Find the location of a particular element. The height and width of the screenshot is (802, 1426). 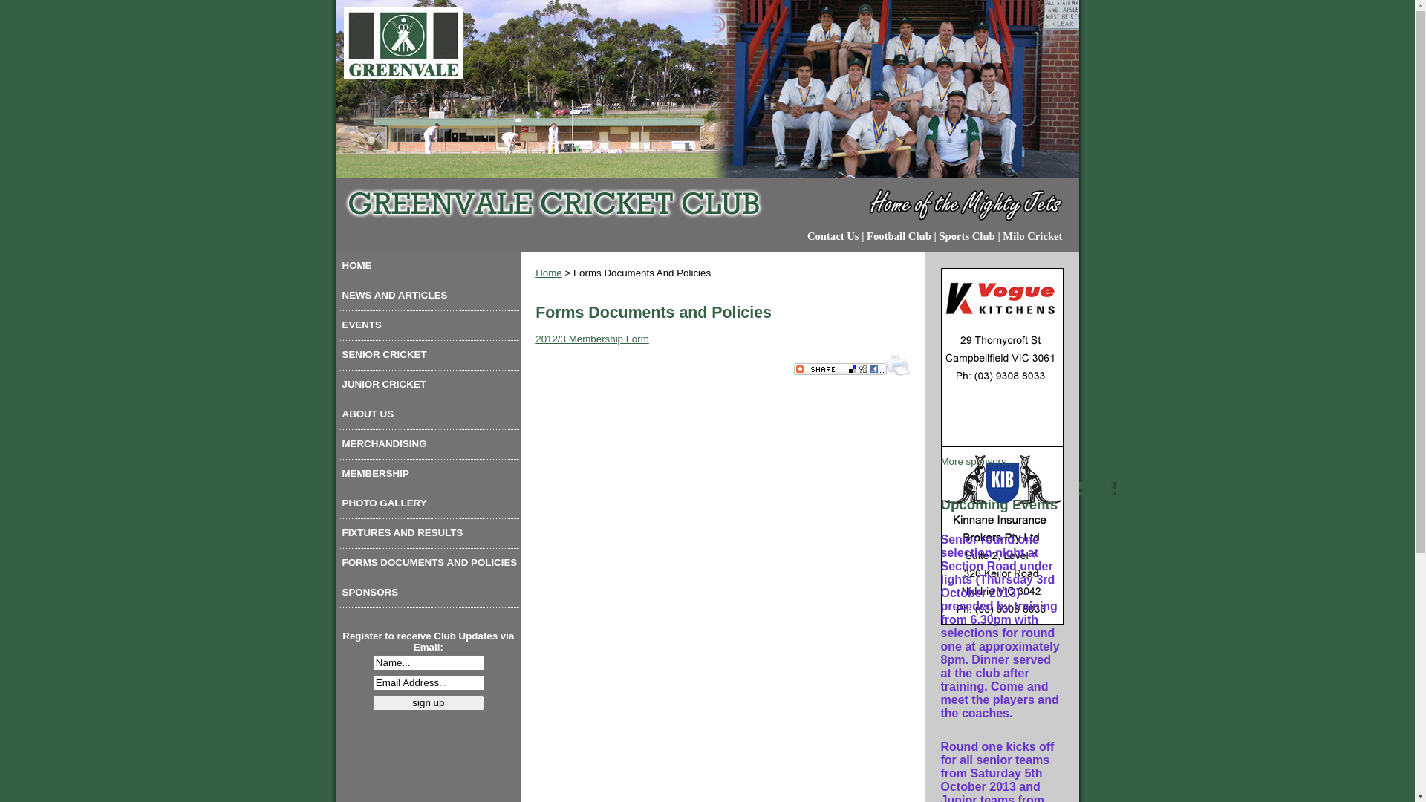

'FIXTURES AND RESULTS' is located at coordinates (429, 535).